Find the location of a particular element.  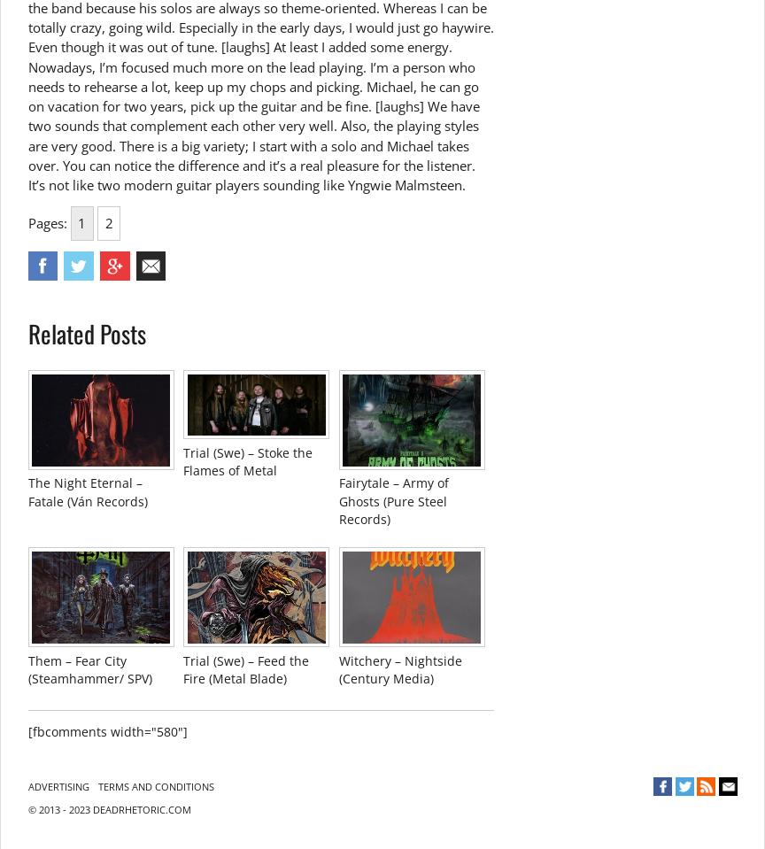

'[fbcomments width="580"]' is located at coordinates (105, 729).